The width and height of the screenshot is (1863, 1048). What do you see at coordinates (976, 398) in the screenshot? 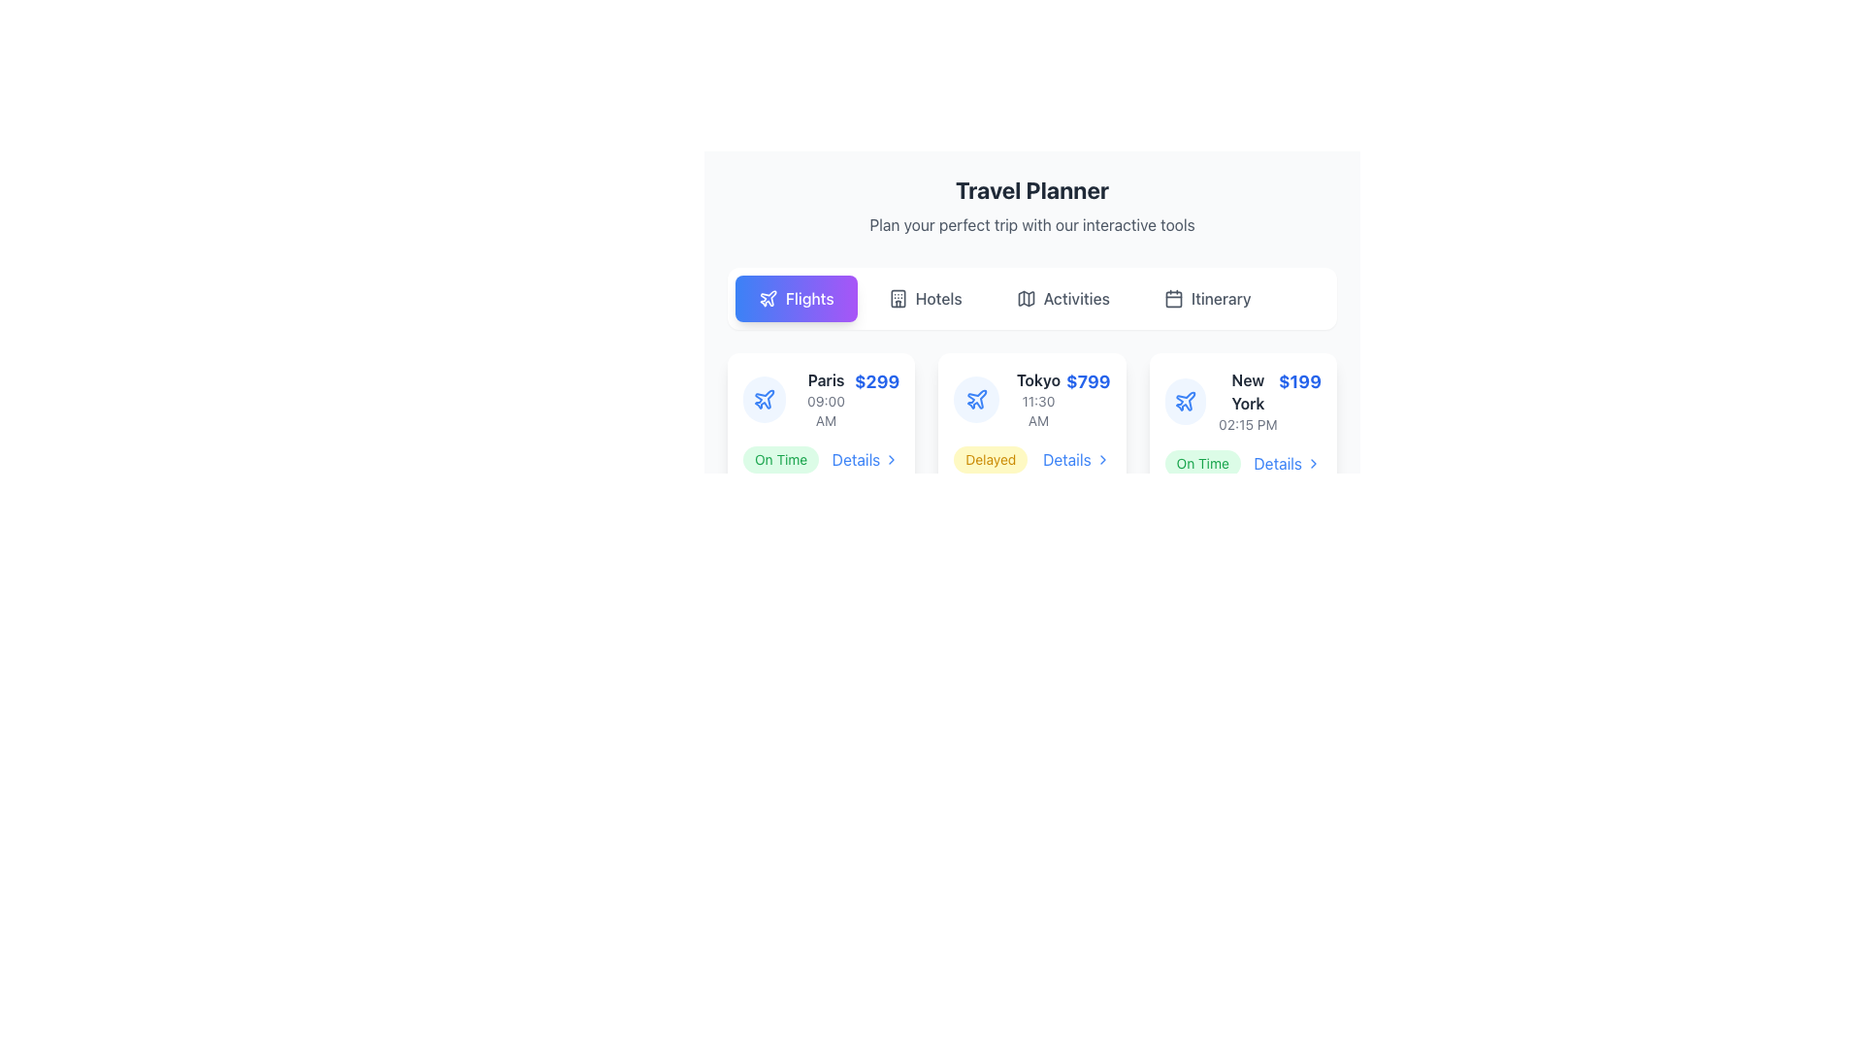
I see `the blue airplane icon, which is a minimalist geometric outline of an aircraft located in the left-most card of the flight options row, directly below the 'Flights' section in the upper navigation bar` at bounding box center [976, 398].